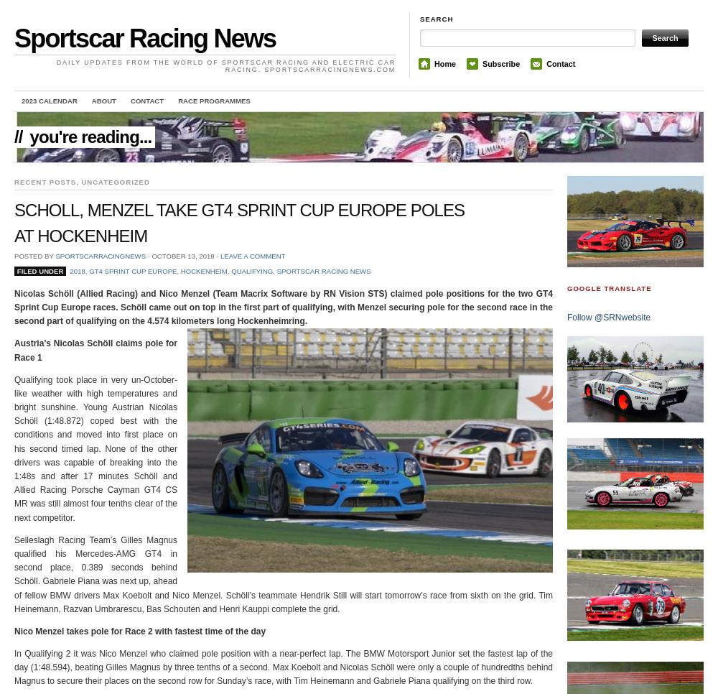 This screenshot has height=694, width=718. What do you see at coordinates (225, 64) in the screenshot?
I see `'Daily updates from the  world of Sportscar Racing and Electric Car Racing.  sportscarracingnews.com'` at bounding box center [225, 64].